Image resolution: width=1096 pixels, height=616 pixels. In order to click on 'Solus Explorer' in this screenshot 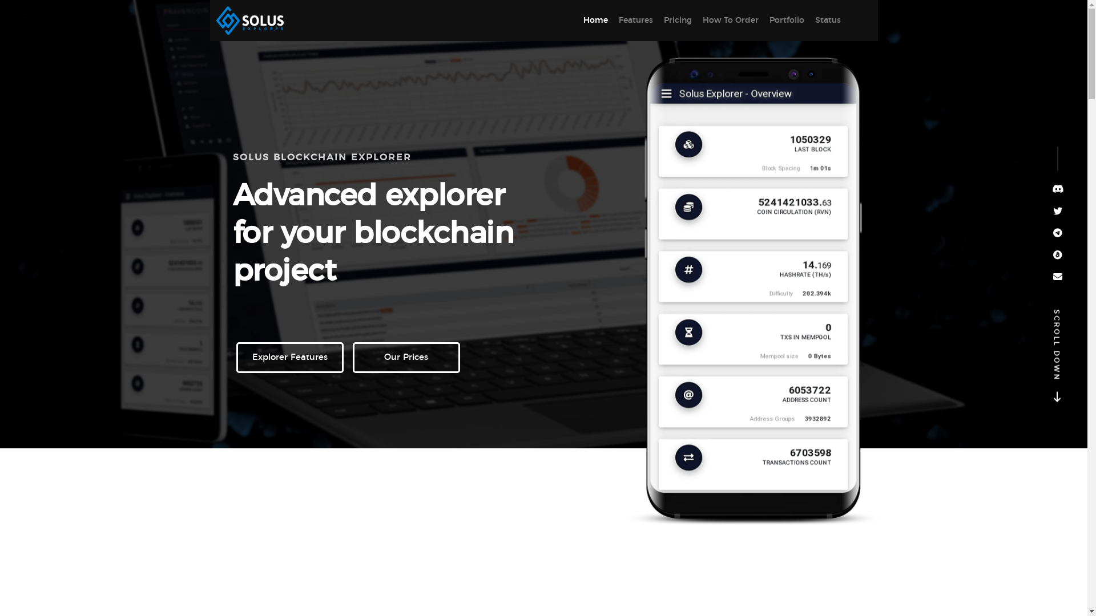, I will do `click(252, 20)`.